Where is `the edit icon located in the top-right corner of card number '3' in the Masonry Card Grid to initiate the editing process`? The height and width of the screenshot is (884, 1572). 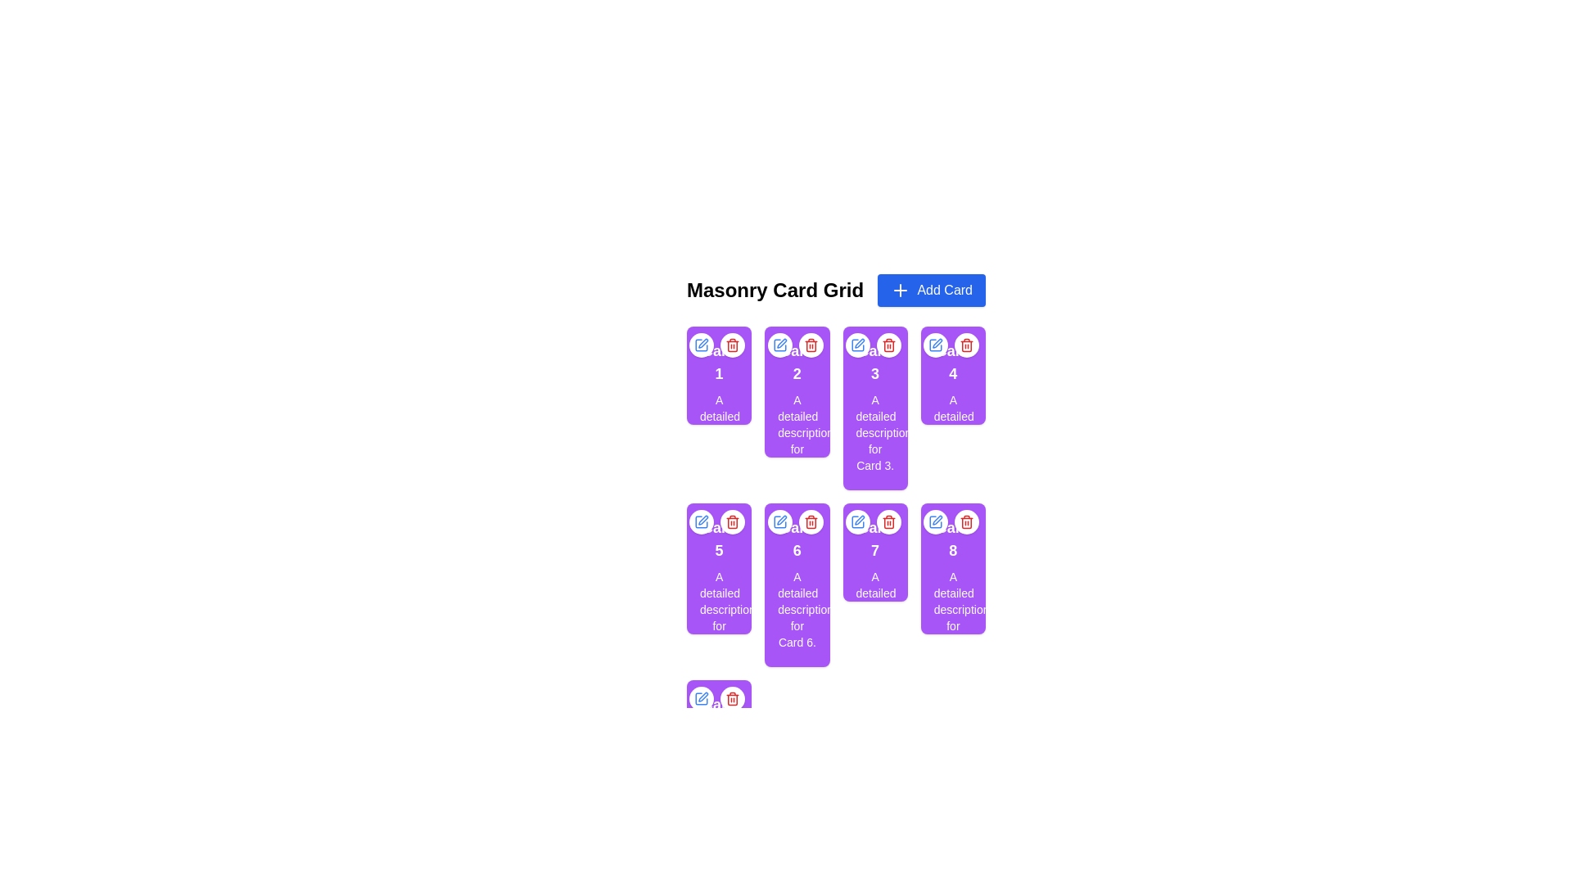
the edit icon located in the top-right corner of card number '3' in the Masonry Card Grid to initiate the editing process is located at coordinates (859, 342).